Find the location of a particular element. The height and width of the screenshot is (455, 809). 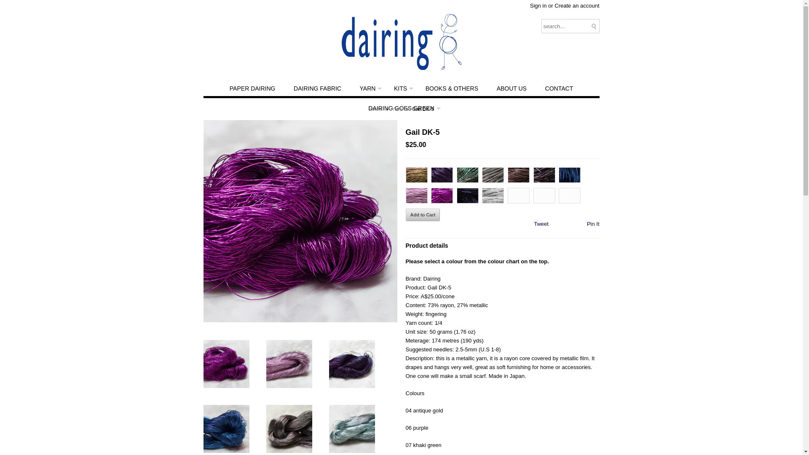

'DAIRING FABRIC' is located at coordinates (317, 88).